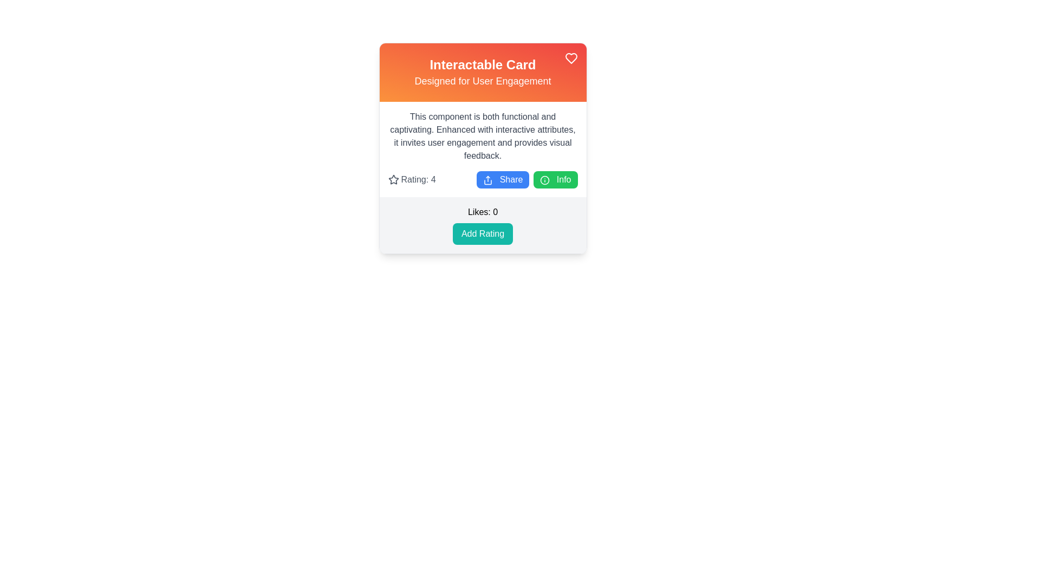 This screenshot has height=585, width=1040. Describe the element at coordinates (502, 179) in the screenshot. I see `the 'Share' button located within the 'Share Info' group, positioned left of the green 'Info' button and right of the star rating display to share the content` at that location.